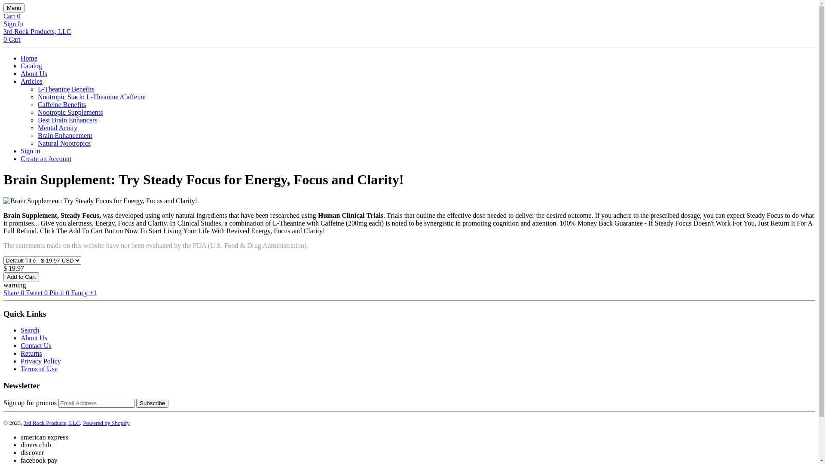 The width and height of the screenshot is (825, 464). Describe the element at coordinates (61, 104) in the screenshot. I see `'Caffeine Benefits'` at that location.